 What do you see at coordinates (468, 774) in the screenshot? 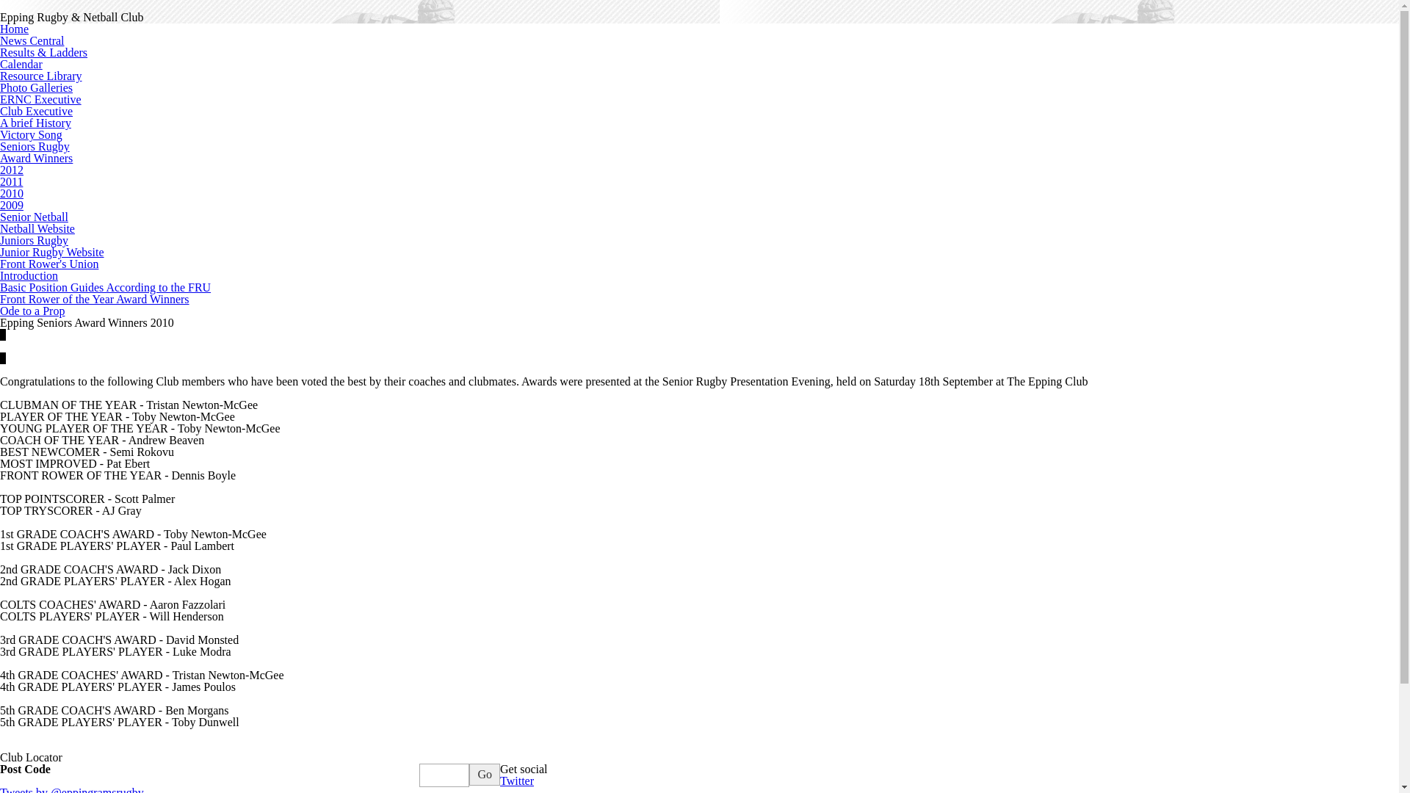
I see `'Go'` at bounding box center [468, 774].